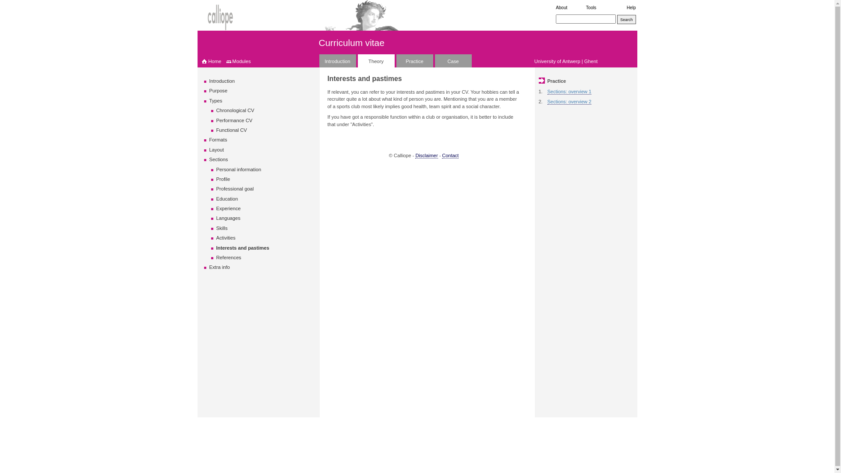 This screenshot has width=841, height=473. Describe the element at coordinates (226, 238) in the screenshot. I see `'Activities'` at that location.